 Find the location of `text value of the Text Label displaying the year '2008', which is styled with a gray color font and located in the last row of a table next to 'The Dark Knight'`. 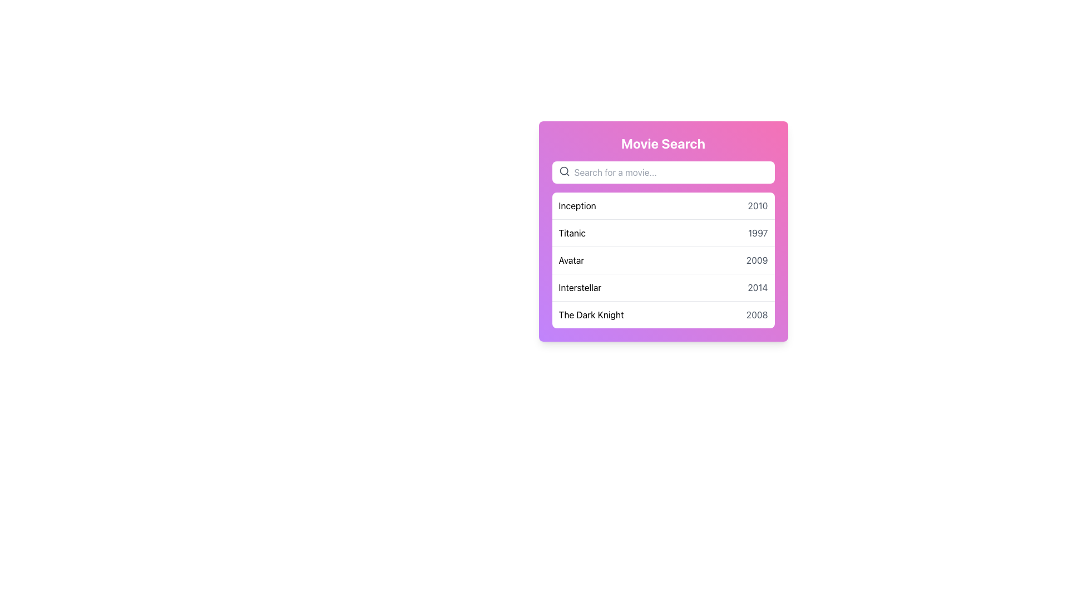

text value of the Text Label displaying the year '2008', which is styled with a gray color font and located in the last row of a table next to 'The Dark Knight' is located at coordinates (756, 315).